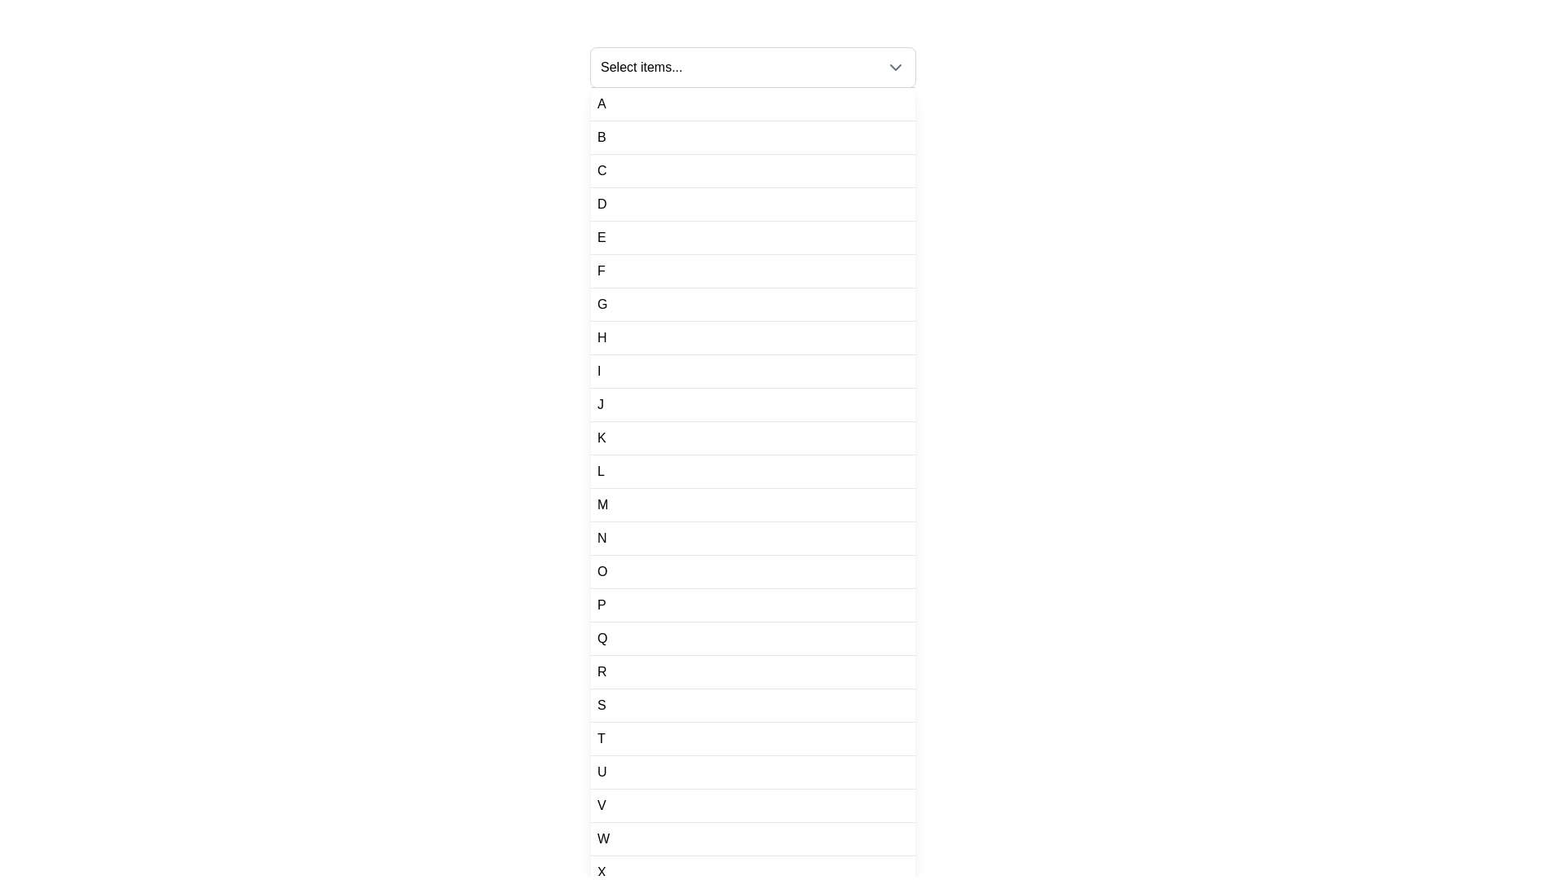 The height and width of the screenshot is (880, 1565). I want to click on the 8th option in the vertical list of alphabetically ordered options, so click(752, 337).